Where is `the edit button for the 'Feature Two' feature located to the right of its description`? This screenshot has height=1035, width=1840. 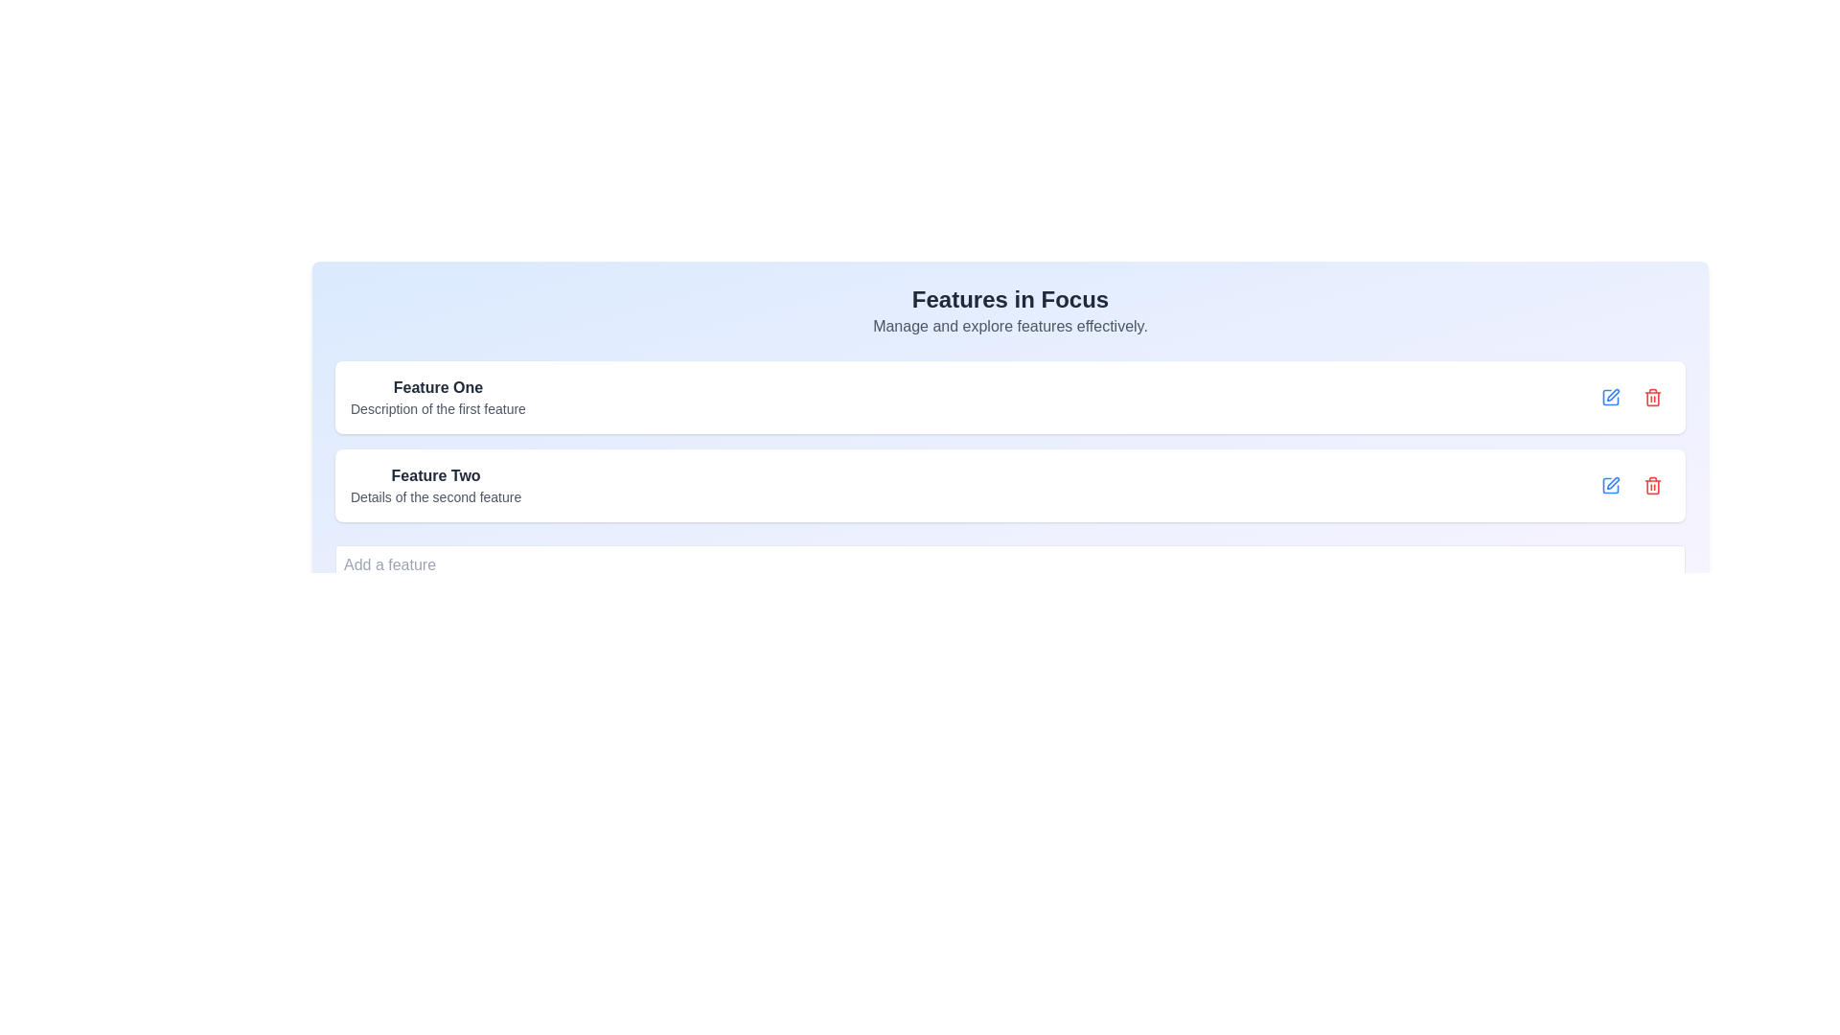 the edit button for the 'Feature Two' feature located to the right of its description is located at coordinates (1610, 484).